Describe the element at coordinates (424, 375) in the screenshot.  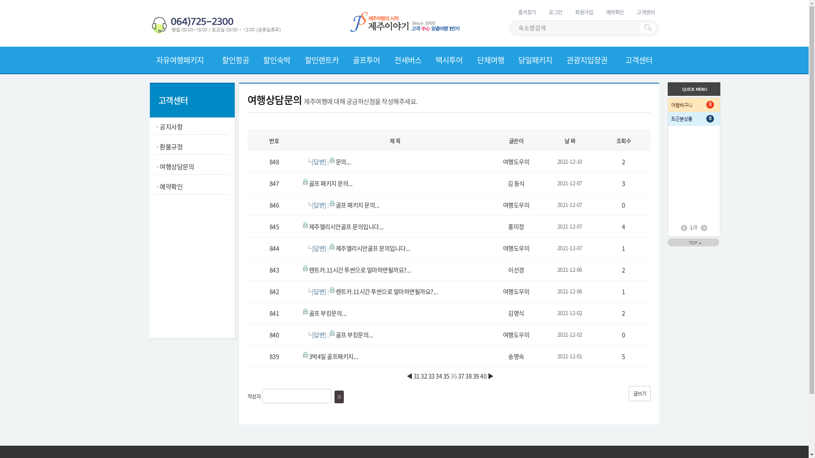
I see `'32'` at that location.